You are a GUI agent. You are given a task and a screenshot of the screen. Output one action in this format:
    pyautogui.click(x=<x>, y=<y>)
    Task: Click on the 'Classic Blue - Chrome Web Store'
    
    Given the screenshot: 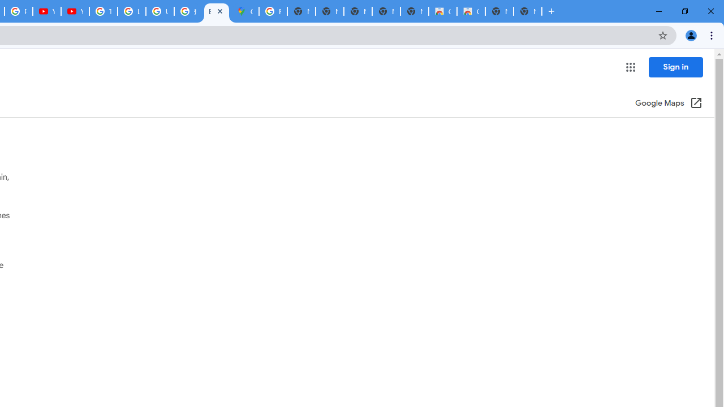 What is the action you would take?
    pyautogui.click(x=471, y=11)
    